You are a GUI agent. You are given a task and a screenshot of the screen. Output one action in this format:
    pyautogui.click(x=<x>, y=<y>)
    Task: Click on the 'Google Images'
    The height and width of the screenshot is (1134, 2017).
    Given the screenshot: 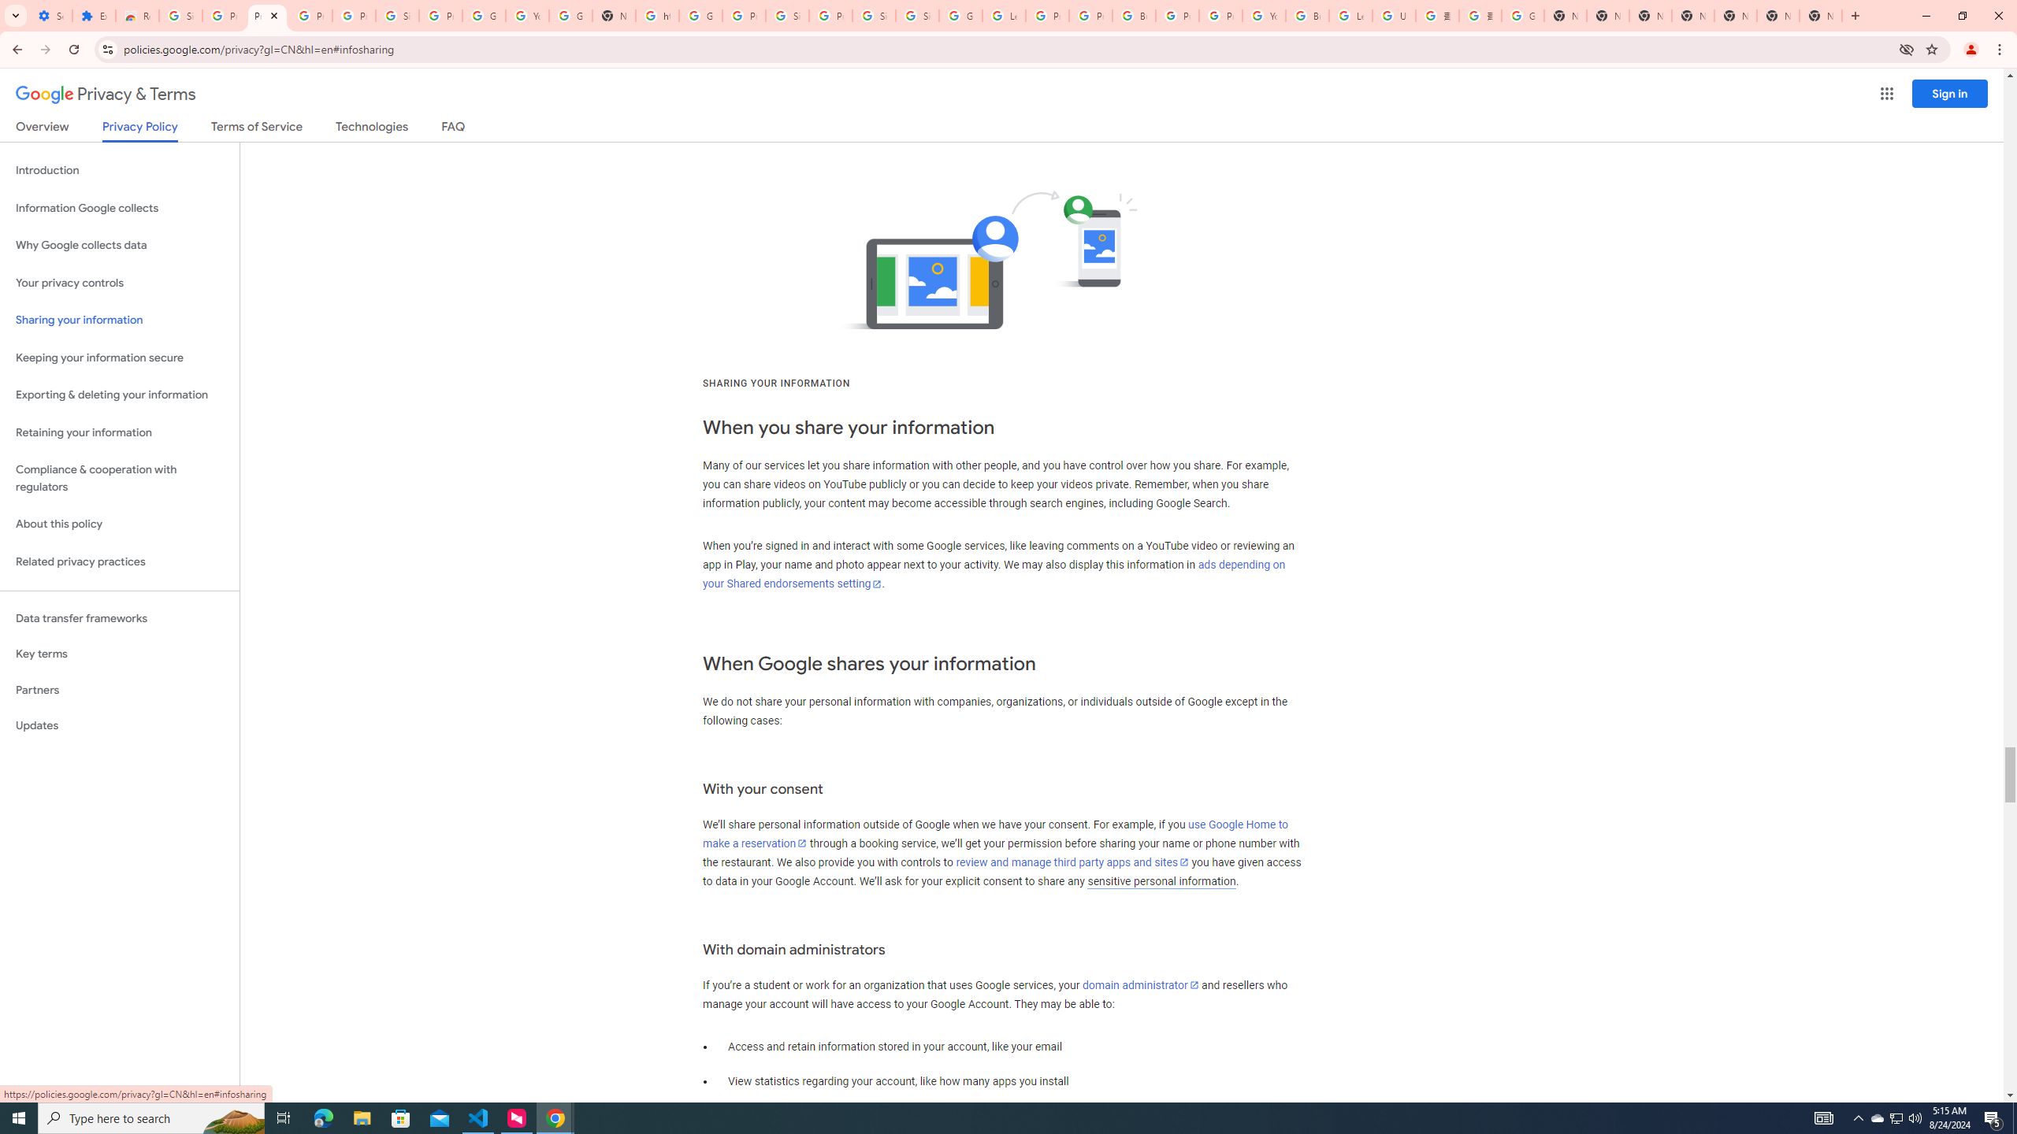 What is the action you would take?
    pyautogui.click(x=1522, y=15)
    